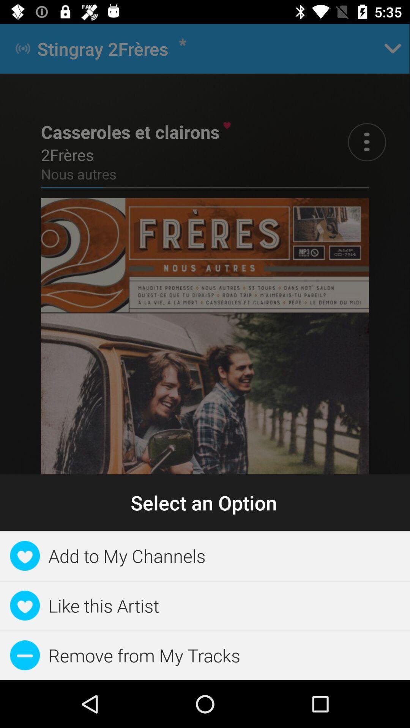  What do you see at coordinates (368, 578) in the screenshot?
I see `the minus icon` at bounding box center [368, 578].